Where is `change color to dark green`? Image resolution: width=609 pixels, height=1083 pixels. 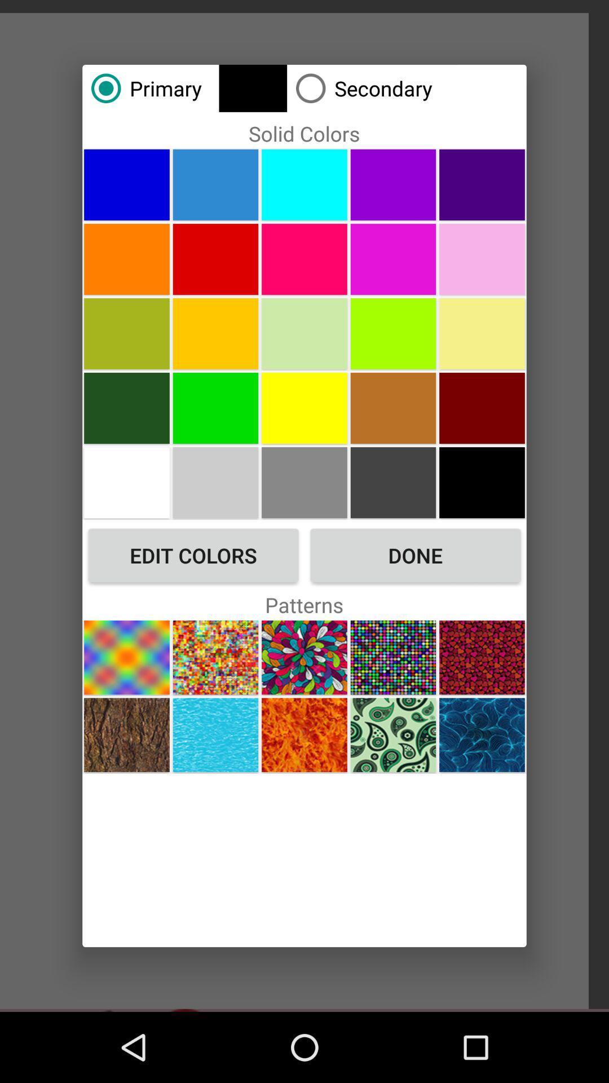
change color to dark green is located at coordinates (126, 407).